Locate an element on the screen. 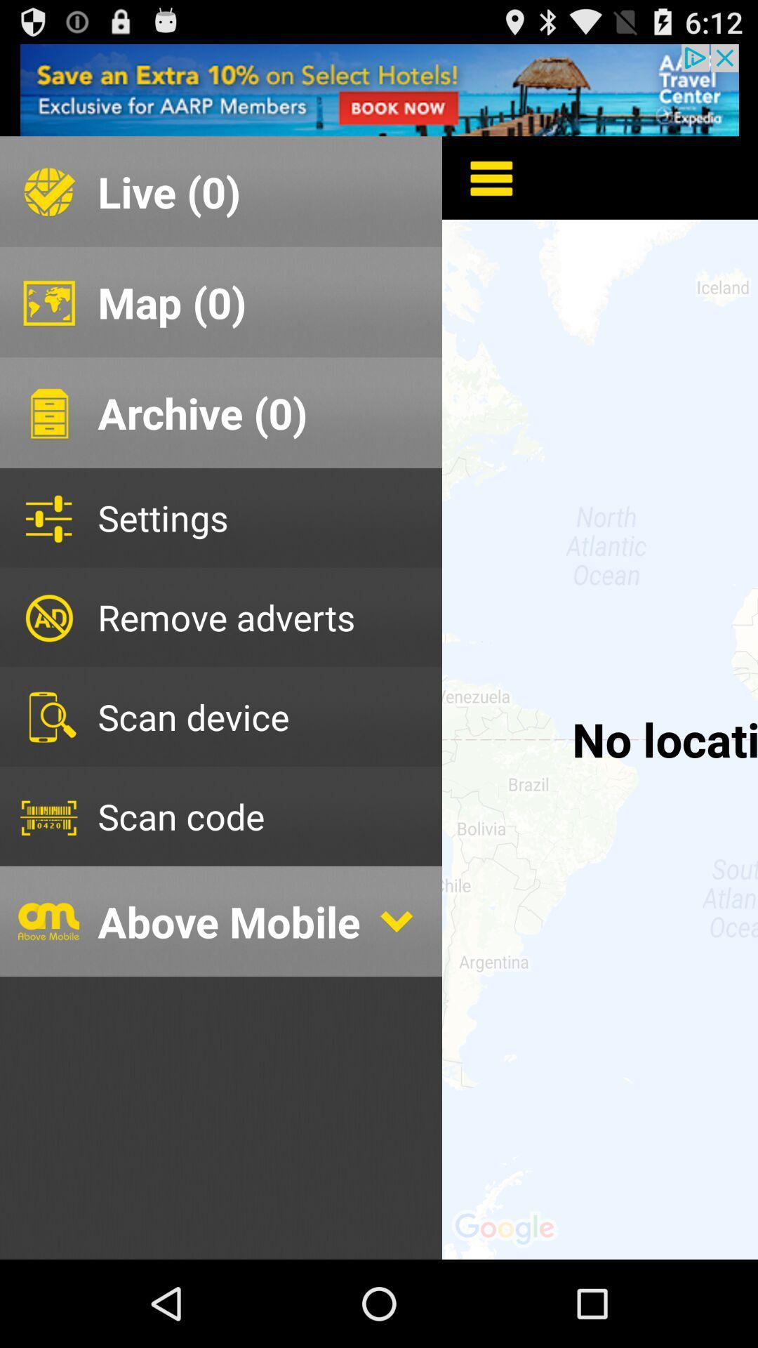 The width and height of the screenshot is (758, 1348). the expand_more icon is located at coordinates (396, 985).